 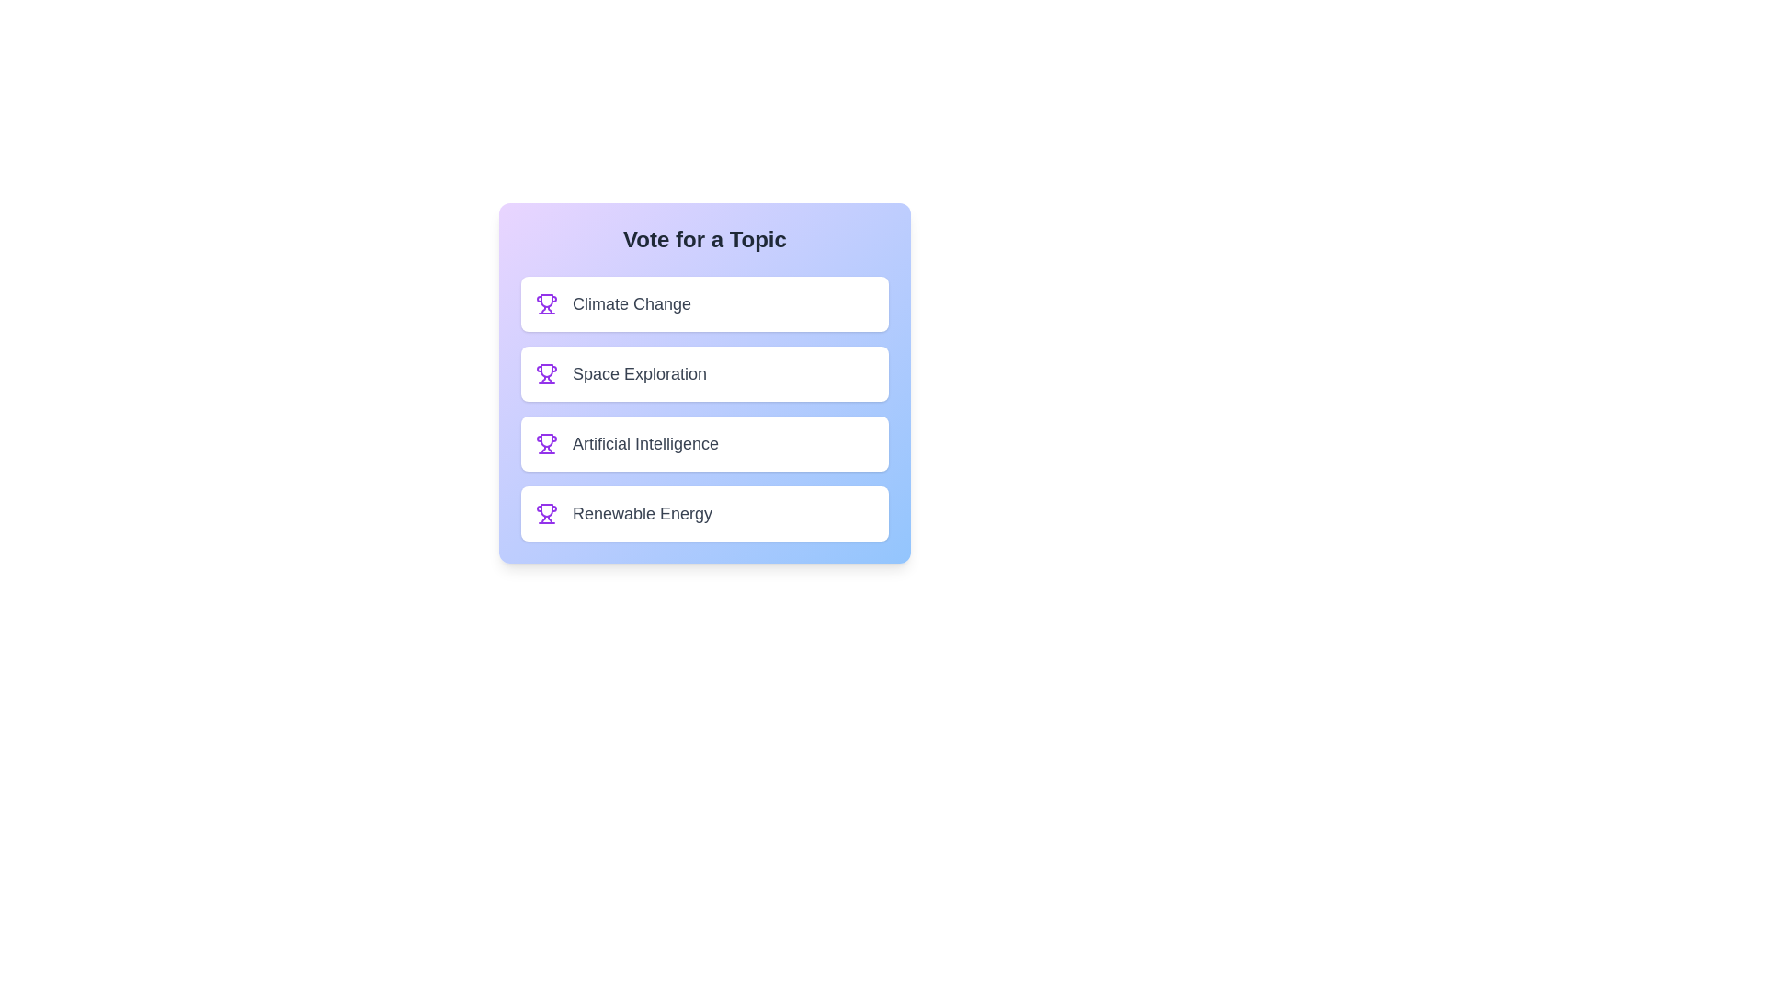 I want to click on the trophy-like purple icon located to the left of the text 'Space Exploration' in the second item of the vertical list under 'Vote for a Topic', so click(x=546, y=371).